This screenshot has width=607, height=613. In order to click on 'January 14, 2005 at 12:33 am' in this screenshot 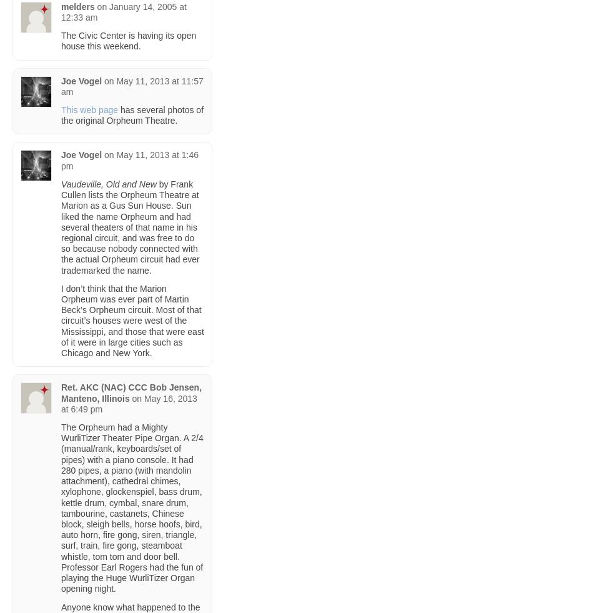, I will do `click(122, 11)`.